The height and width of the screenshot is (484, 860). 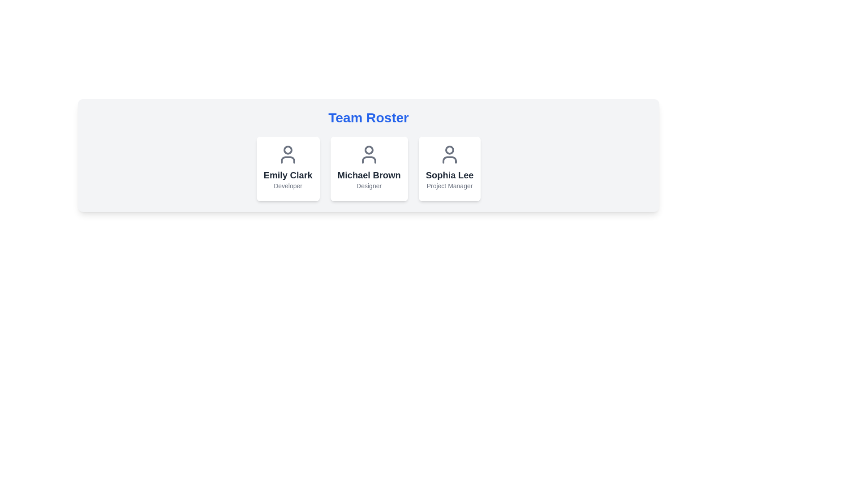 What do you see at coordinates (369, 175) in the screenshot?
I see `the text label identifying the individual as 'Michael Brown' located below the user silhouette icon in the middle card` at bounding box center [369, 175].